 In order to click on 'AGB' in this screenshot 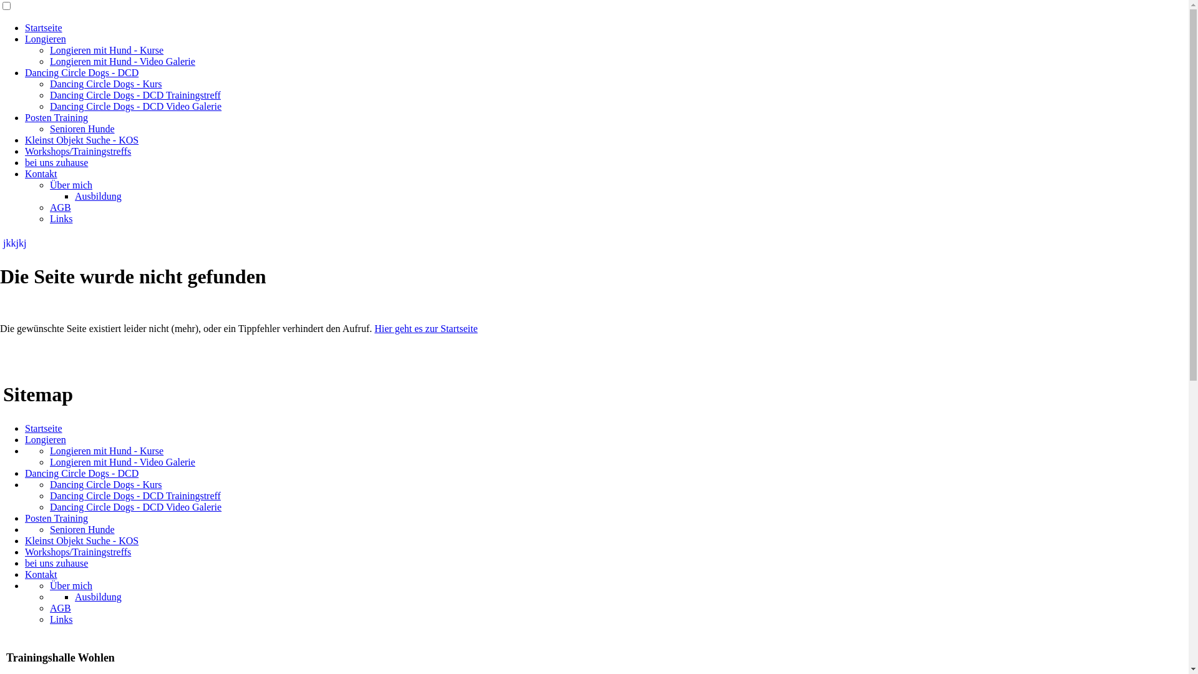, I will do `click(50, 607)`.